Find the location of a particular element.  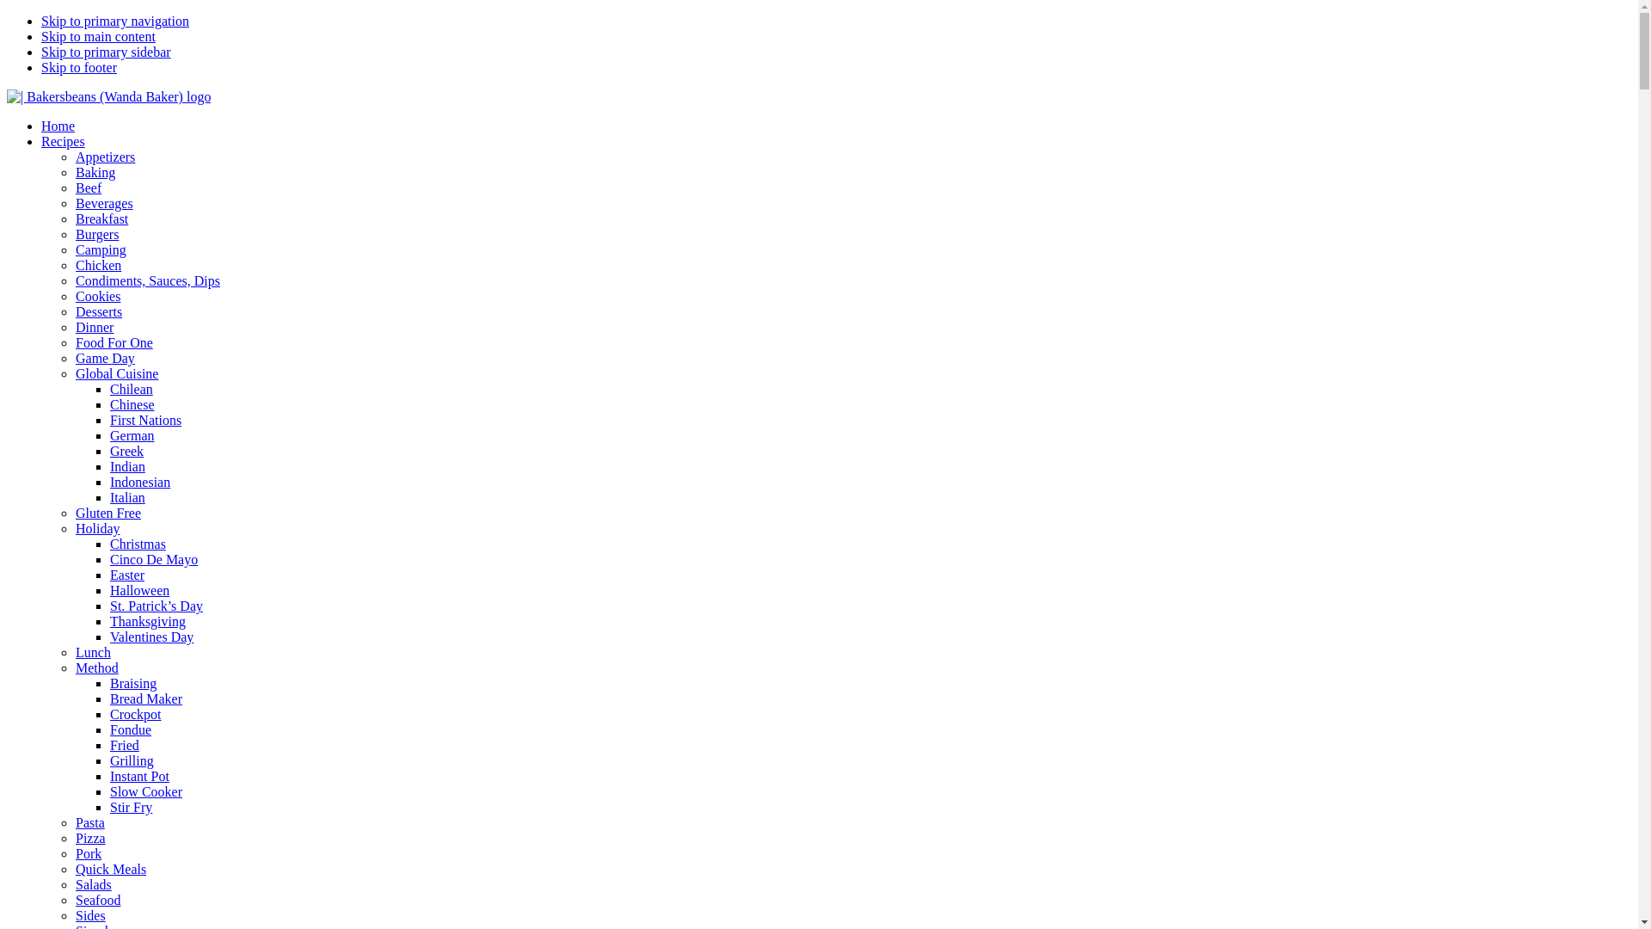

'Game Day' is located at coordinates (104, 357).